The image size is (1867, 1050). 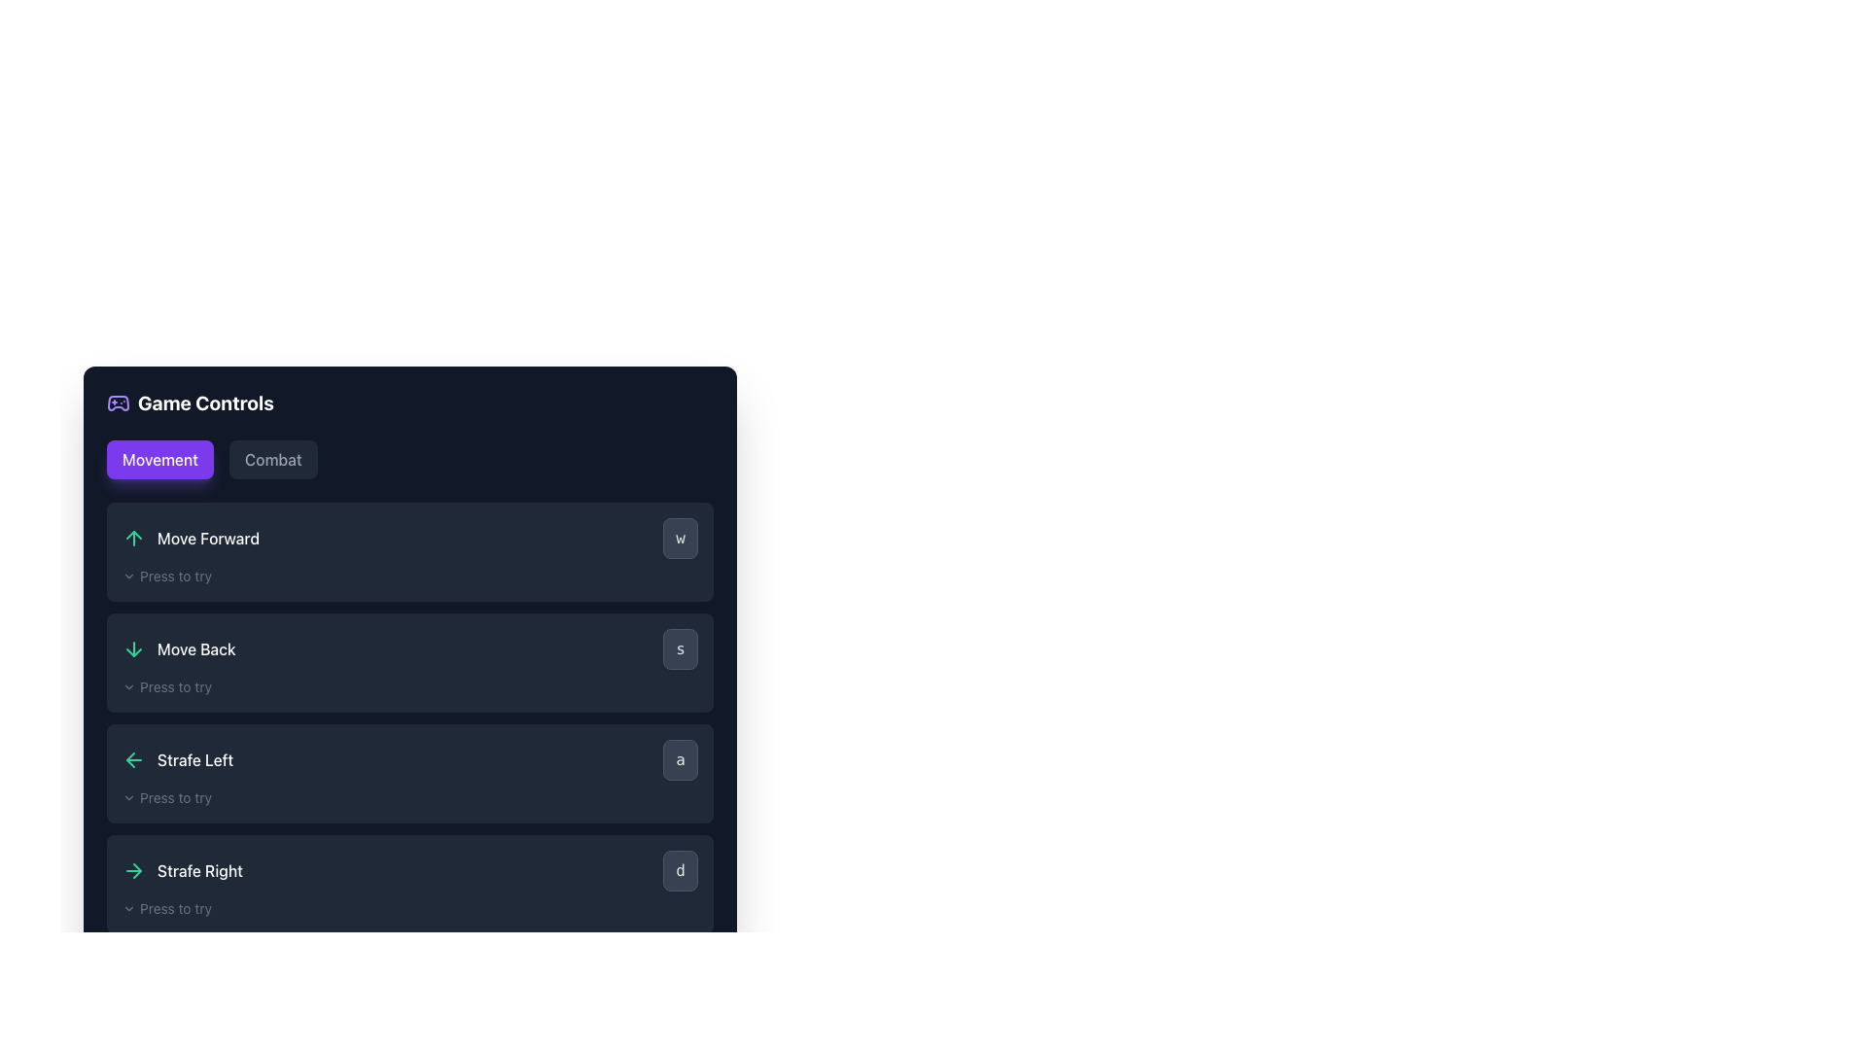 What do you see at coordinates (182, 869) in the screenshot?
I see `the 'Strafe Right' text label which is styled in white and located next to a green right arrow in the list of game controls` at bounding box center [182, 869].